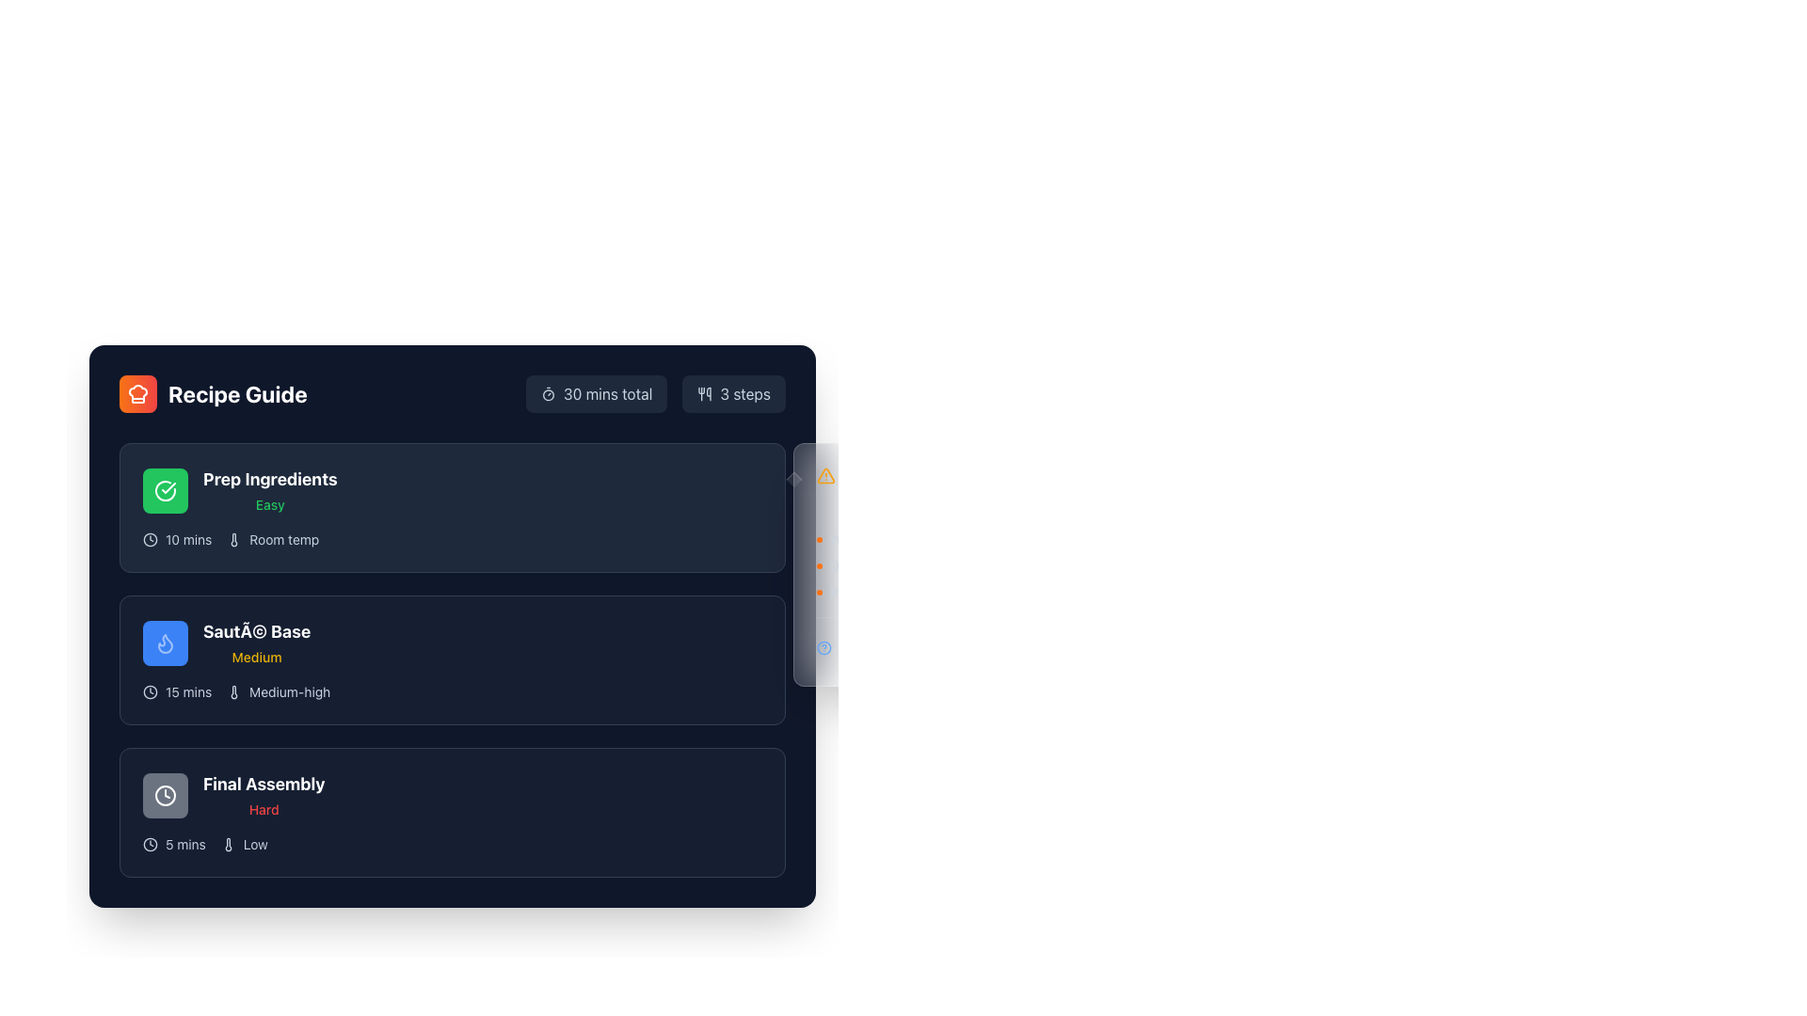 This screenshot has height=1016, width=1807. What do you see at coordinates (239, 489) in the screenshot?
I see `the first Step Card in the recipe guide` at bounding box center [239, 489].